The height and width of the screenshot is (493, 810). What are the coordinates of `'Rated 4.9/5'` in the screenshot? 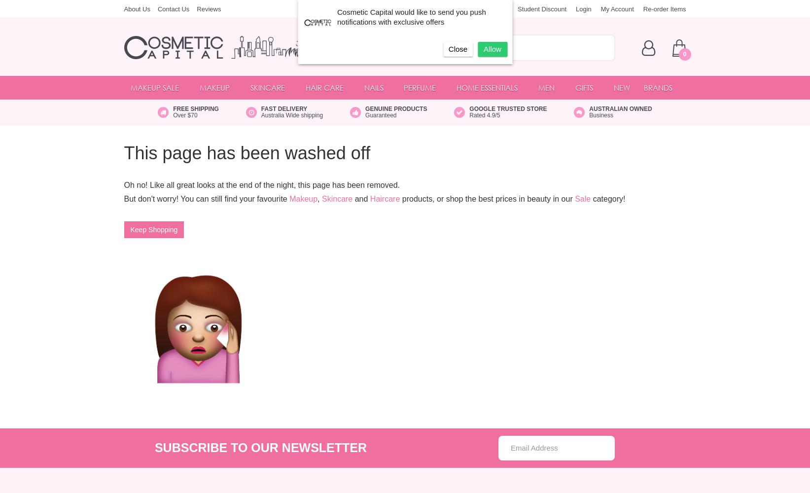 It's located at (485, 115).